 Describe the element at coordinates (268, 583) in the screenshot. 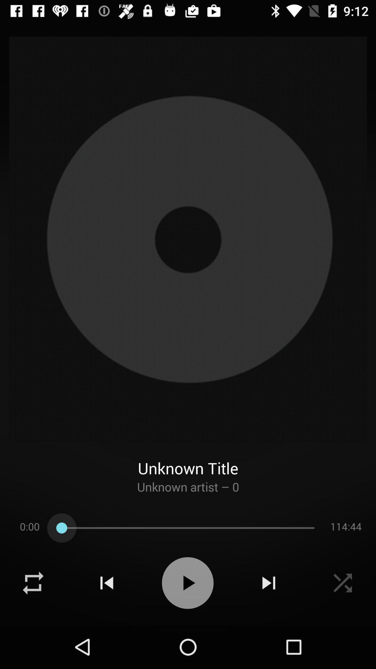

I see `the skip_next icon` at that location.